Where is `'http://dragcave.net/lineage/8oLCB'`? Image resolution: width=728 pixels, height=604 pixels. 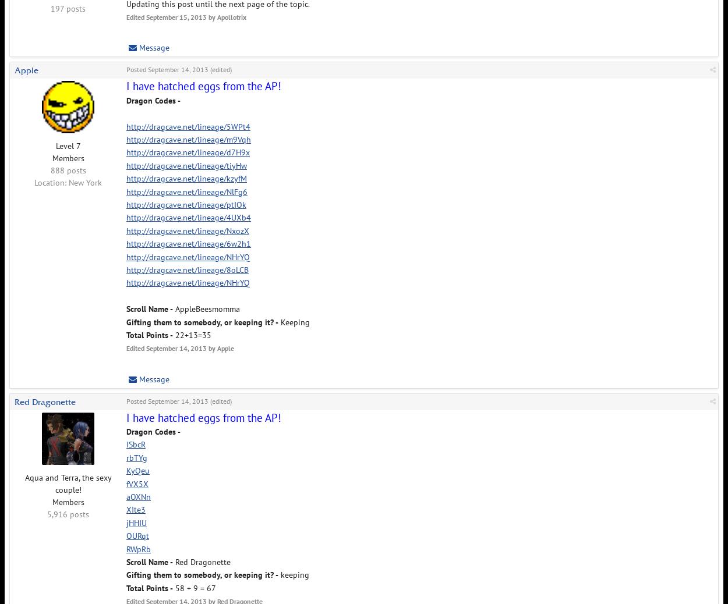 'http://dragcave.net/lineage/8oLCB' is located at coordinates (187, 269).